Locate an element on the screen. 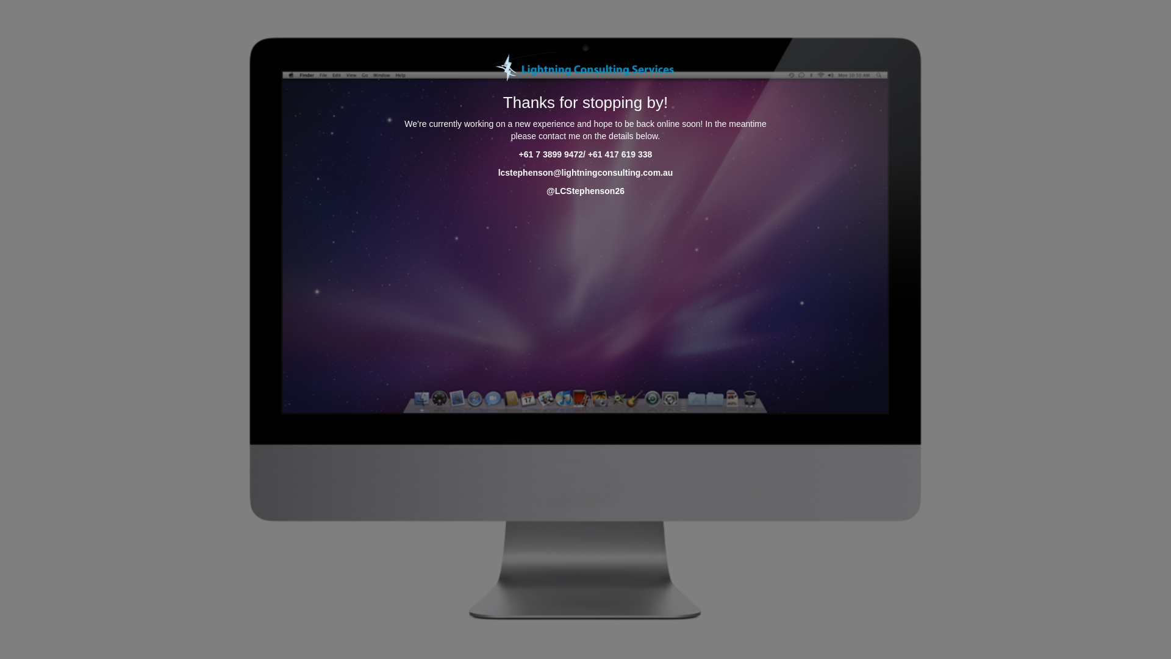 The height and width of the screenshot is (659, 1171). 'lcstephenson@lightningconsulting.com.au' is located at coordinates (585, 172).